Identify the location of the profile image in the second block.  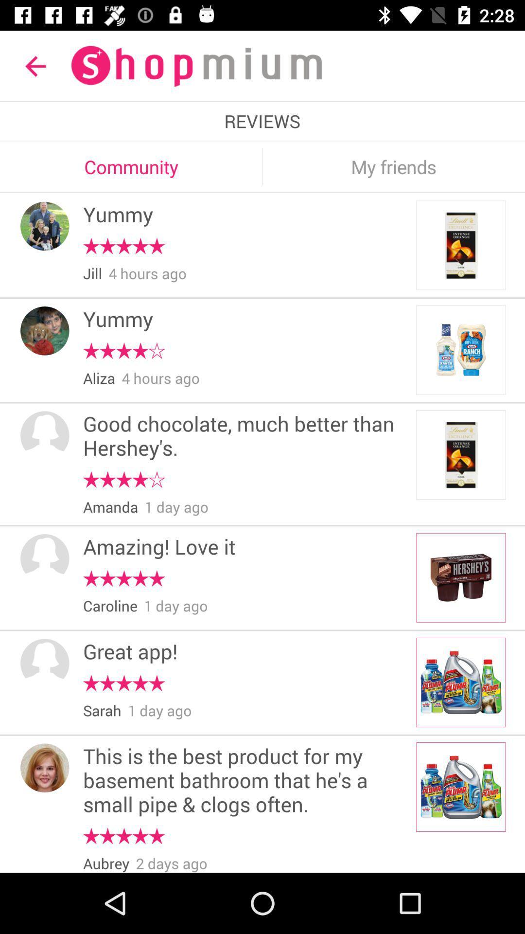
(45, 331).